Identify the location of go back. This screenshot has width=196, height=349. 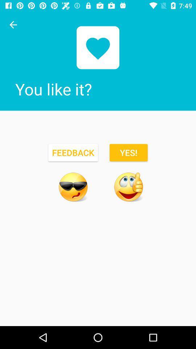
(13, 25).